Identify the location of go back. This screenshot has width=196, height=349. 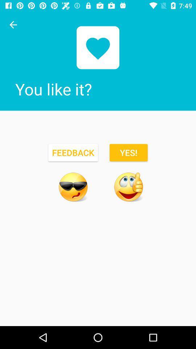
(13, 25).